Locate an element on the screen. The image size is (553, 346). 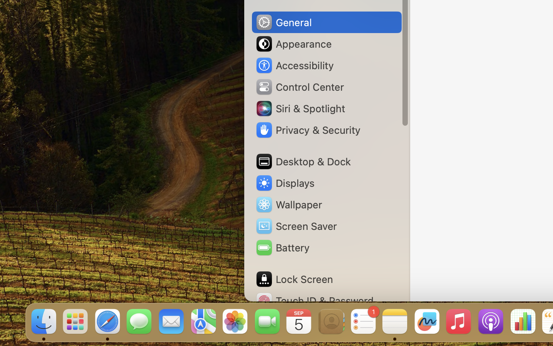
'Accessibility' is located at coordinates (294, 65).